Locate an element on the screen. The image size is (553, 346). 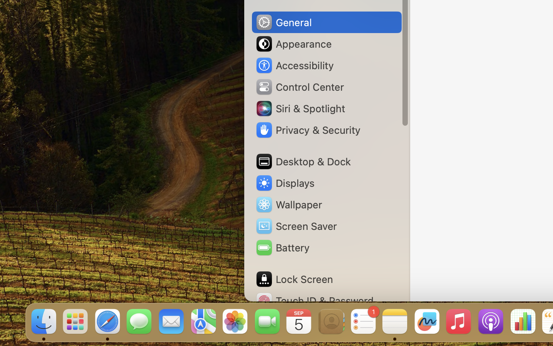
'Accessibility' is located at coordinates (294, 65).